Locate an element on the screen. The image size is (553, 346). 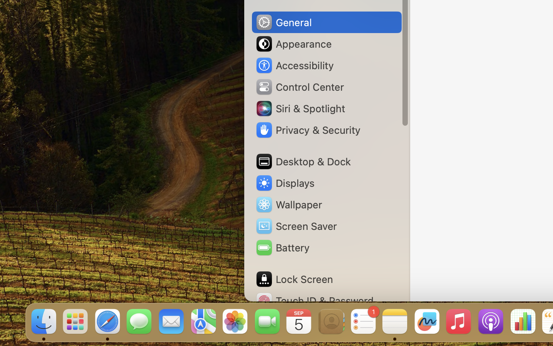
'Accessibility' is located at coordinates (294, 65).